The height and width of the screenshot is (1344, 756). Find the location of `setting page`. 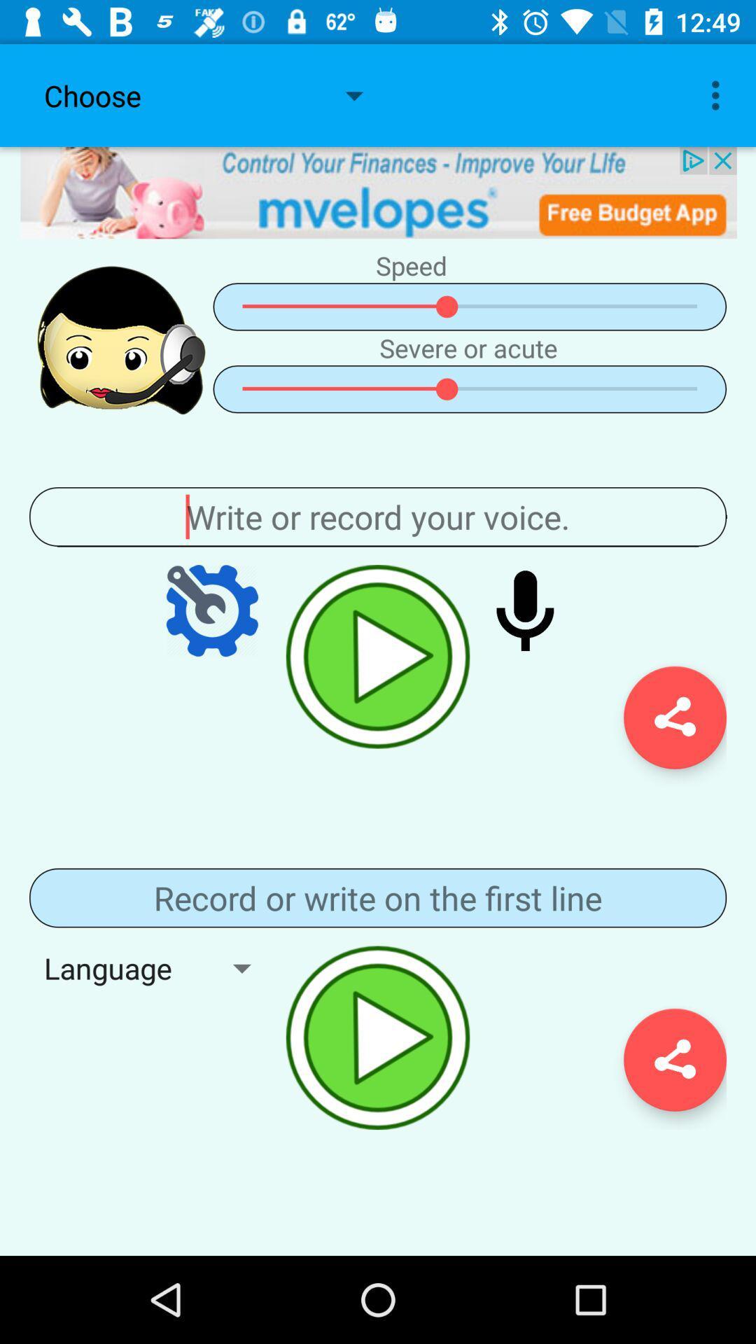

setting page is located at coordinates (212, 610).